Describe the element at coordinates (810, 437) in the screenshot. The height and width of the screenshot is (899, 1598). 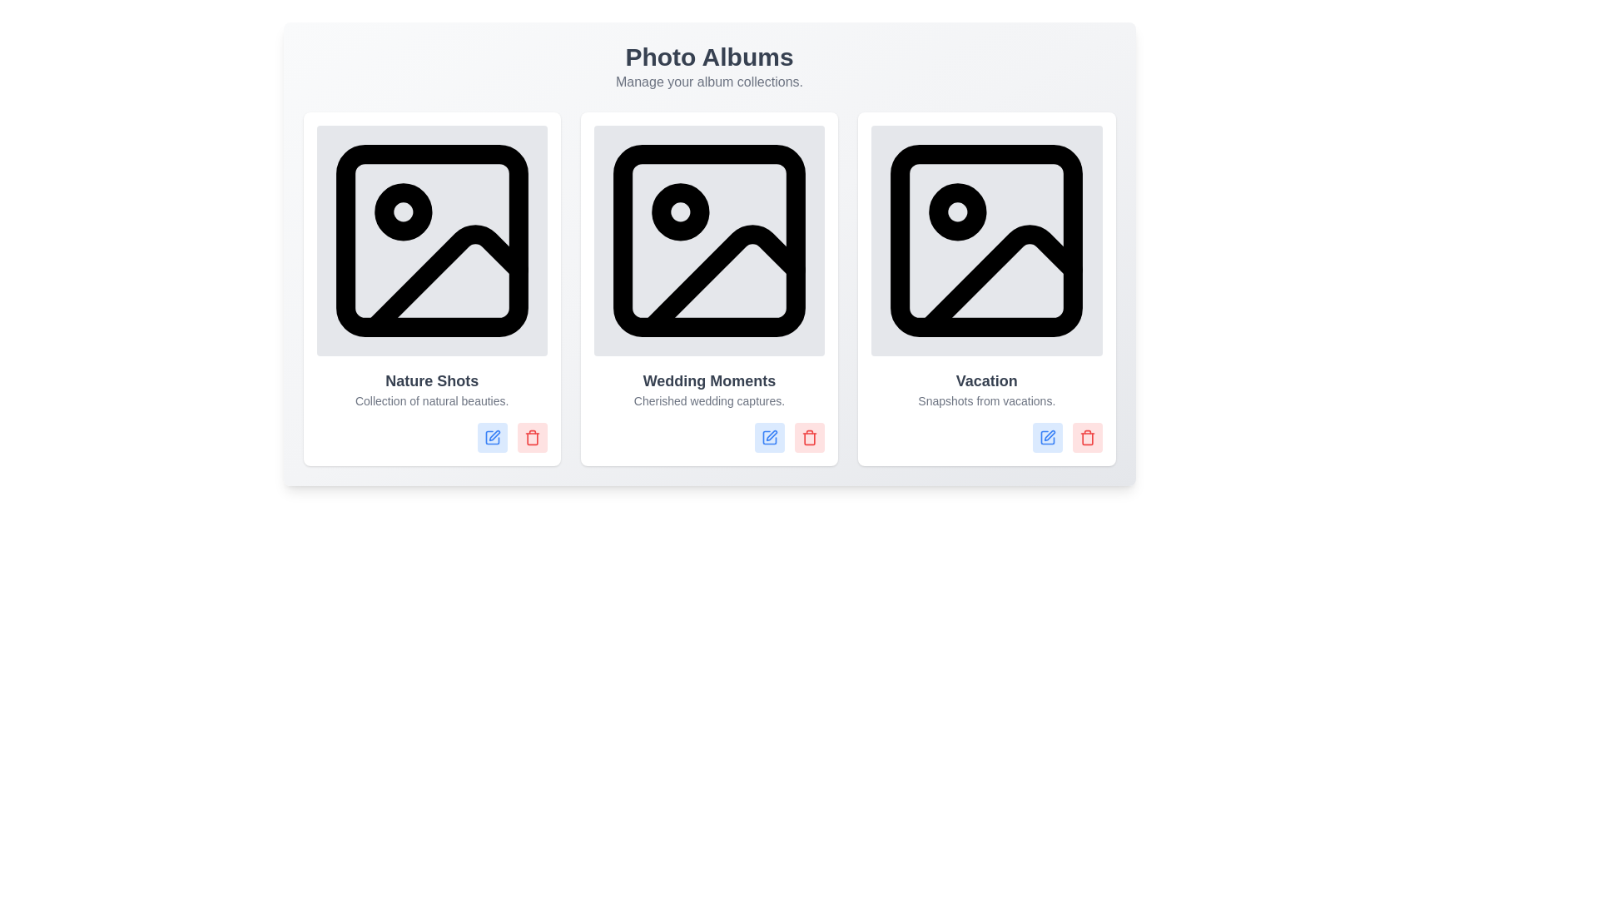
I see `delete button for the album named Wedding Moments` at that location.